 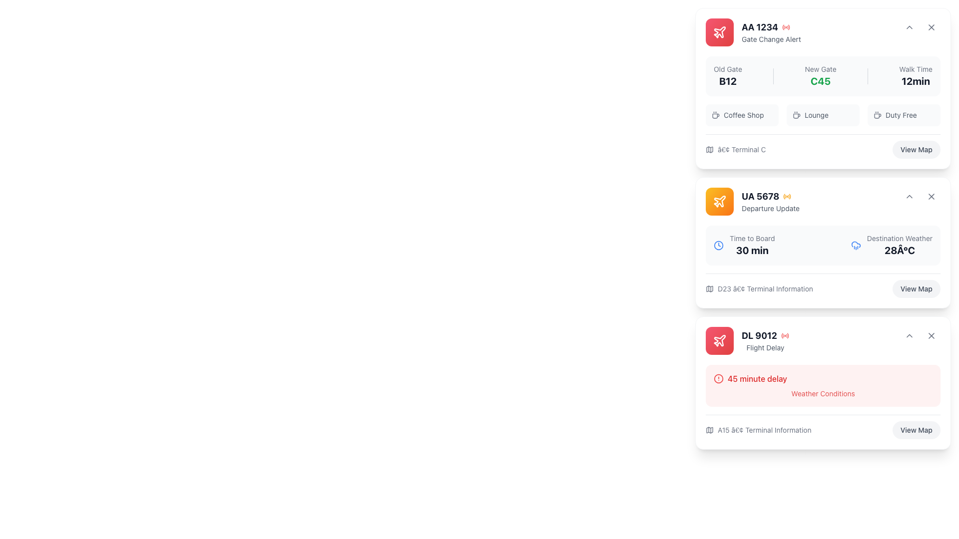 What do you see at coordinates (931, 196) in the screenshot?
I see `the circular button with an 'X' icon to trigger the hover effect` at bounding box center [931, 196].